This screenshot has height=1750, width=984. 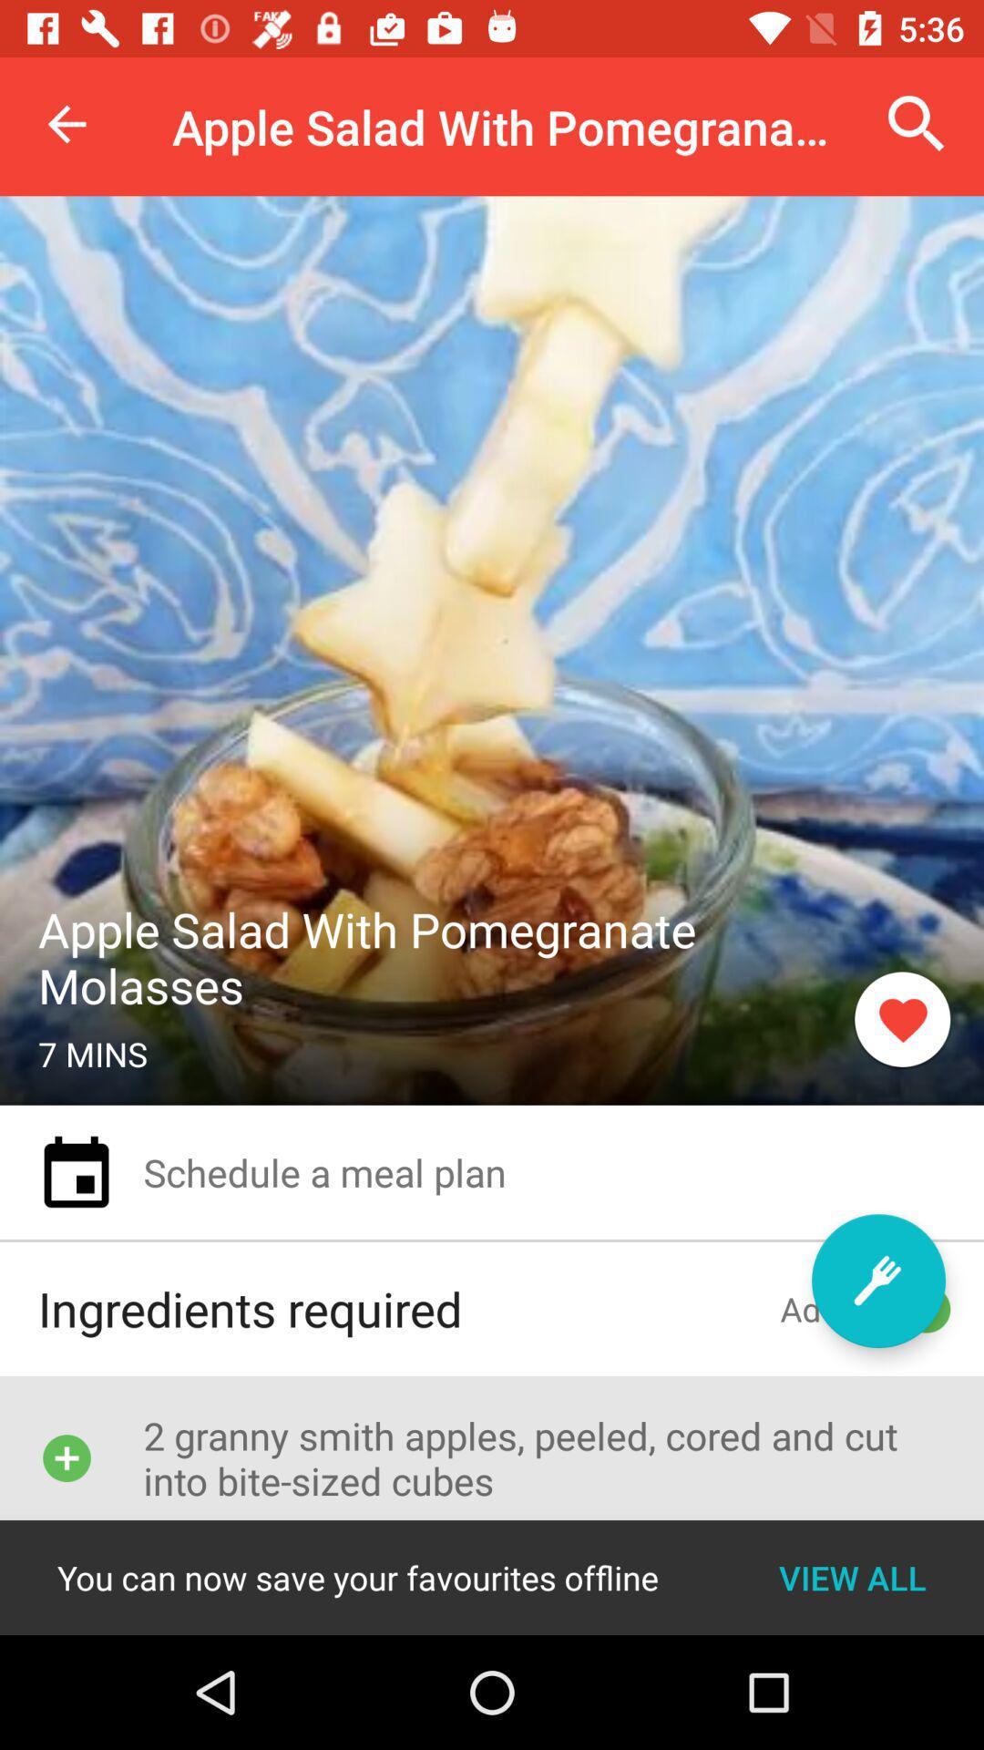 What do you see at coordinates (877, 1280) in the screenshot?
I see `the edit icon` at bounding box center [877, 1280].